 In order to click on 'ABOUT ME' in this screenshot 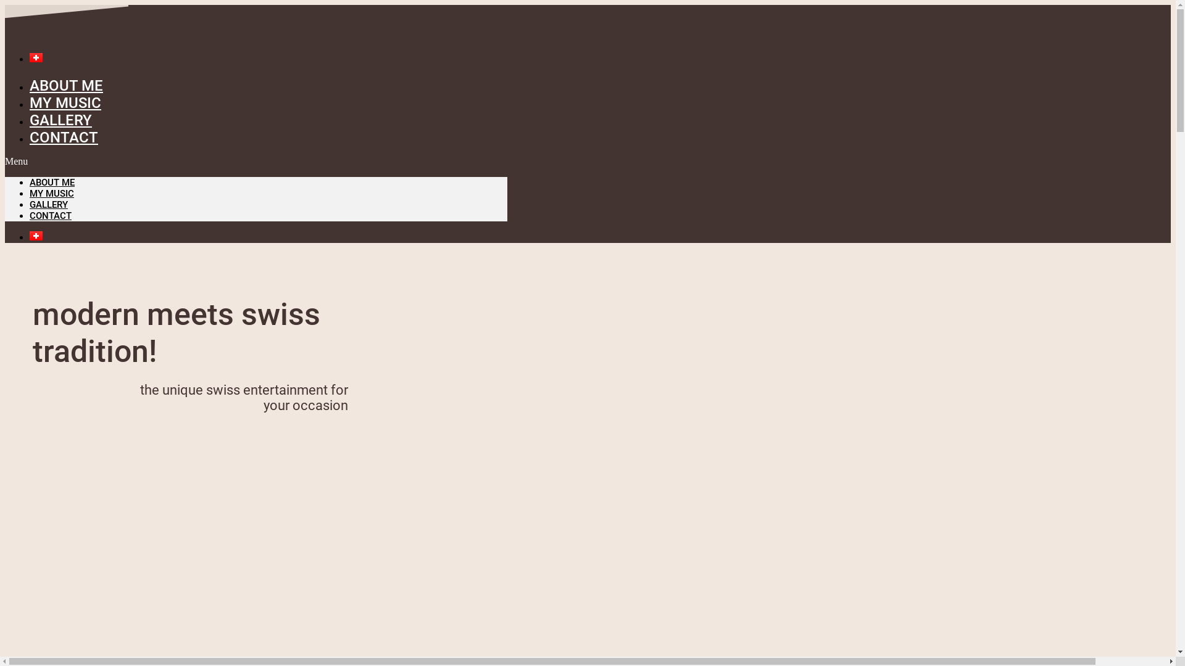, I will do `click(65, 84)`.